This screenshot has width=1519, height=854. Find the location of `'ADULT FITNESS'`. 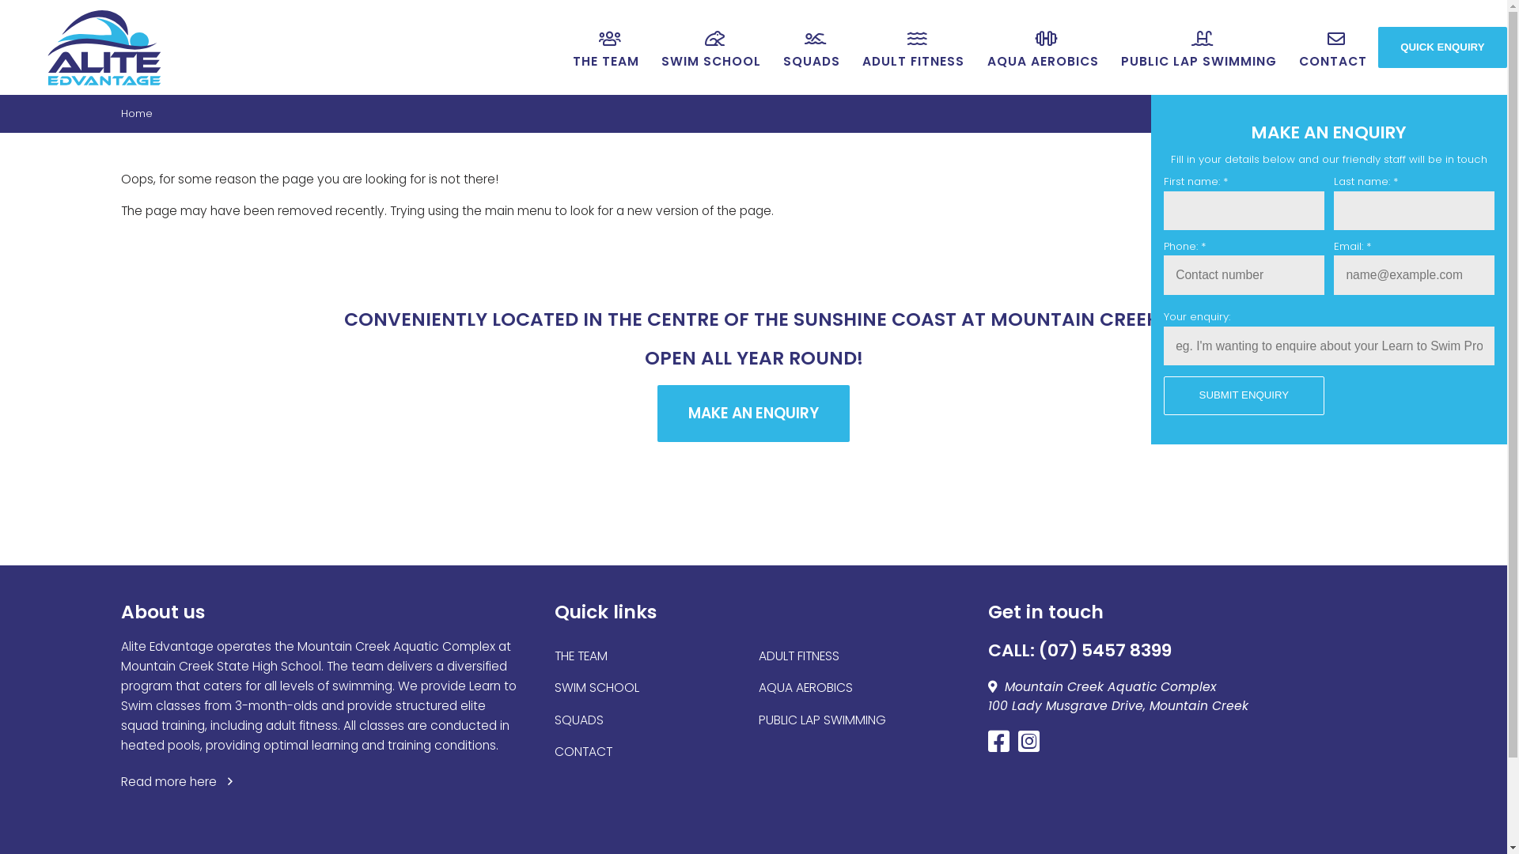

'ADULT FITNESS' is located at coordinates (914, 47).